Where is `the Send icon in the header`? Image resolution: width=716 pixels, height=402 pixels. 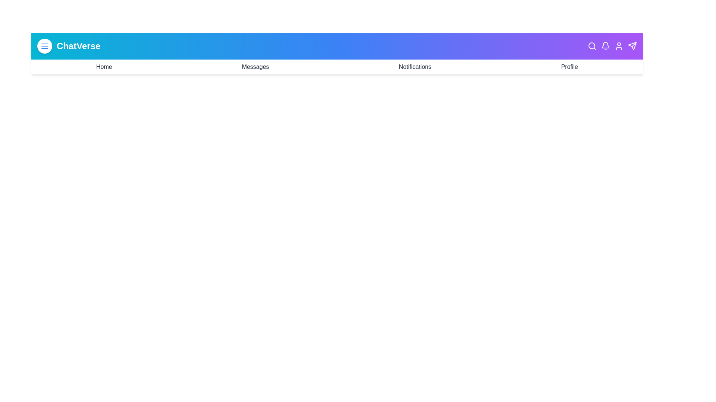
the Send icon in the header is located at coordinates (632, 46).